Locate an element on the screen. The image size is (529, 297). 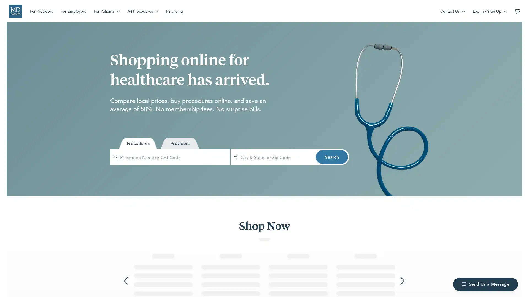
Search is located at coordinates (331, 157).